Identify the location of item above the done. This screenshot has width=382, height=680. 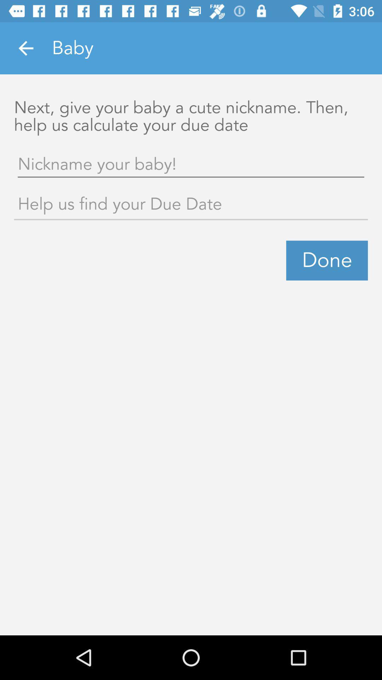
(191, 205).